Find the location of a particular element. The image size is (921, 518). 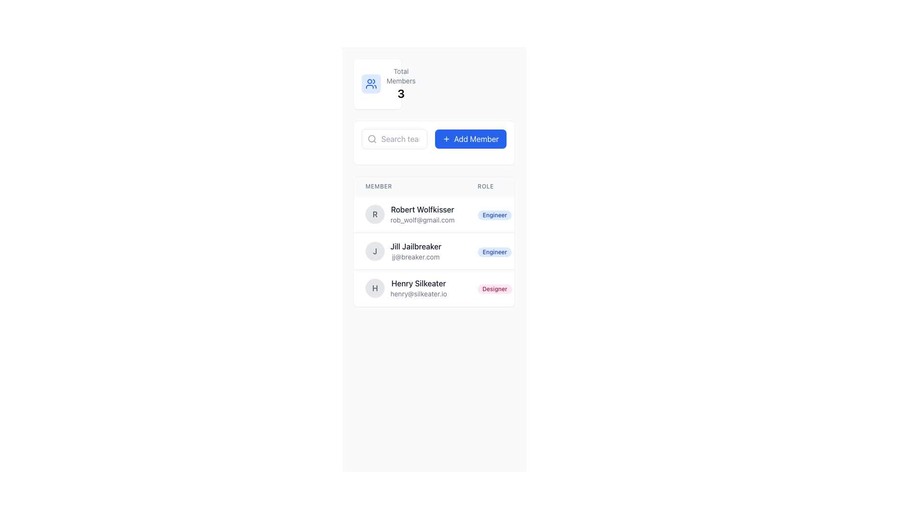

the text-based information block displaying the name and email address of the member, located below 'Robert Wolfkisser' and above 'Henry Silkeater' is located at coordinates (416, 251).